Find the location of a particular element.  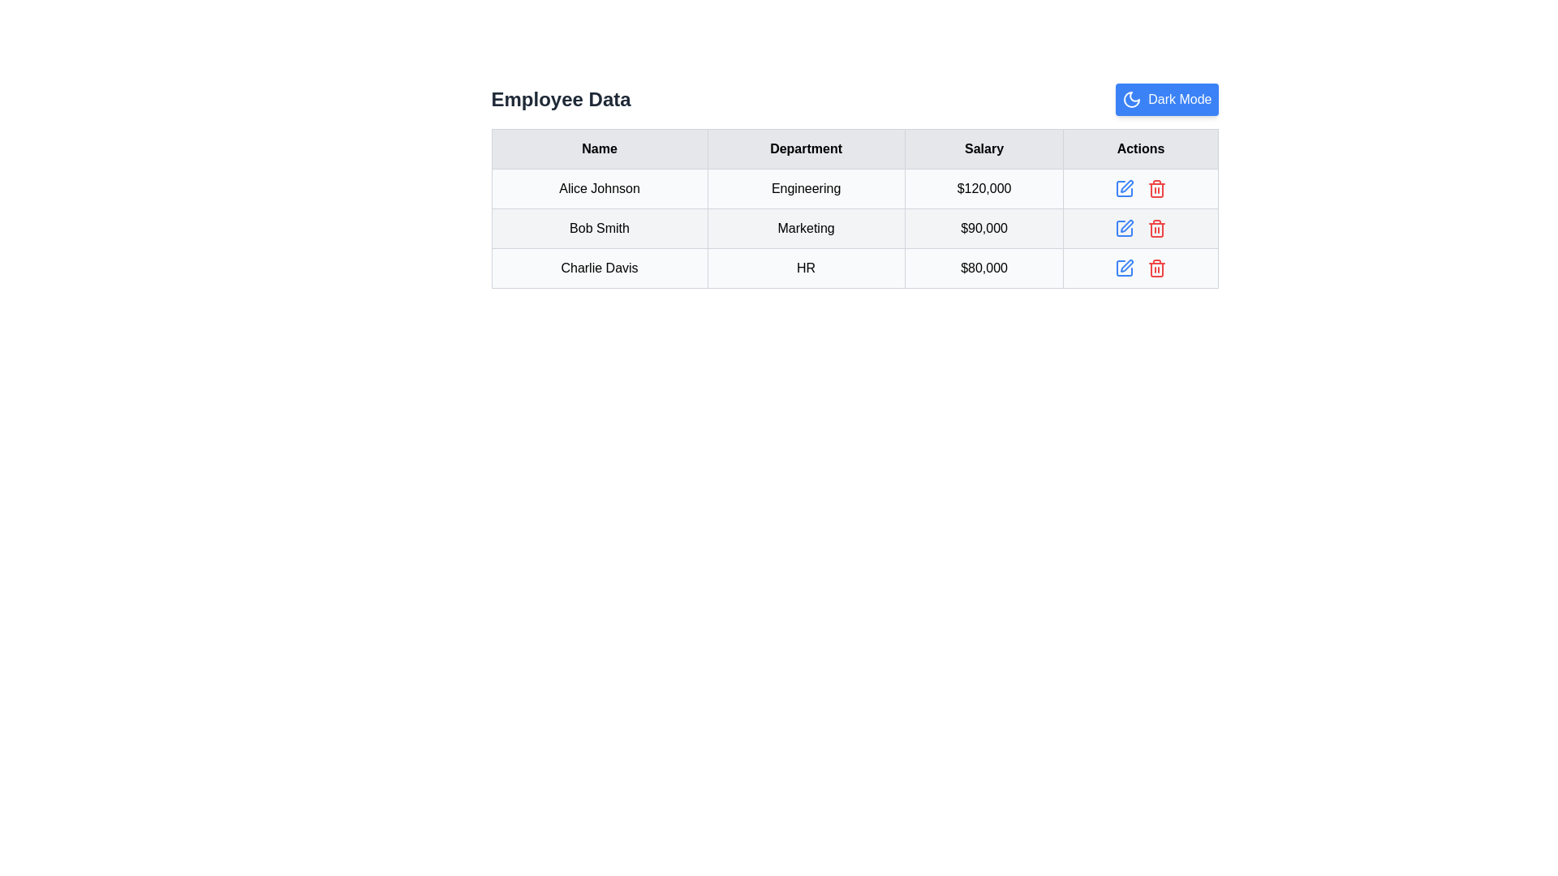

the delete icon in the action buttons pair for 'Charlie Davis' in the third row of the table is located at coordinates (1140, 268).